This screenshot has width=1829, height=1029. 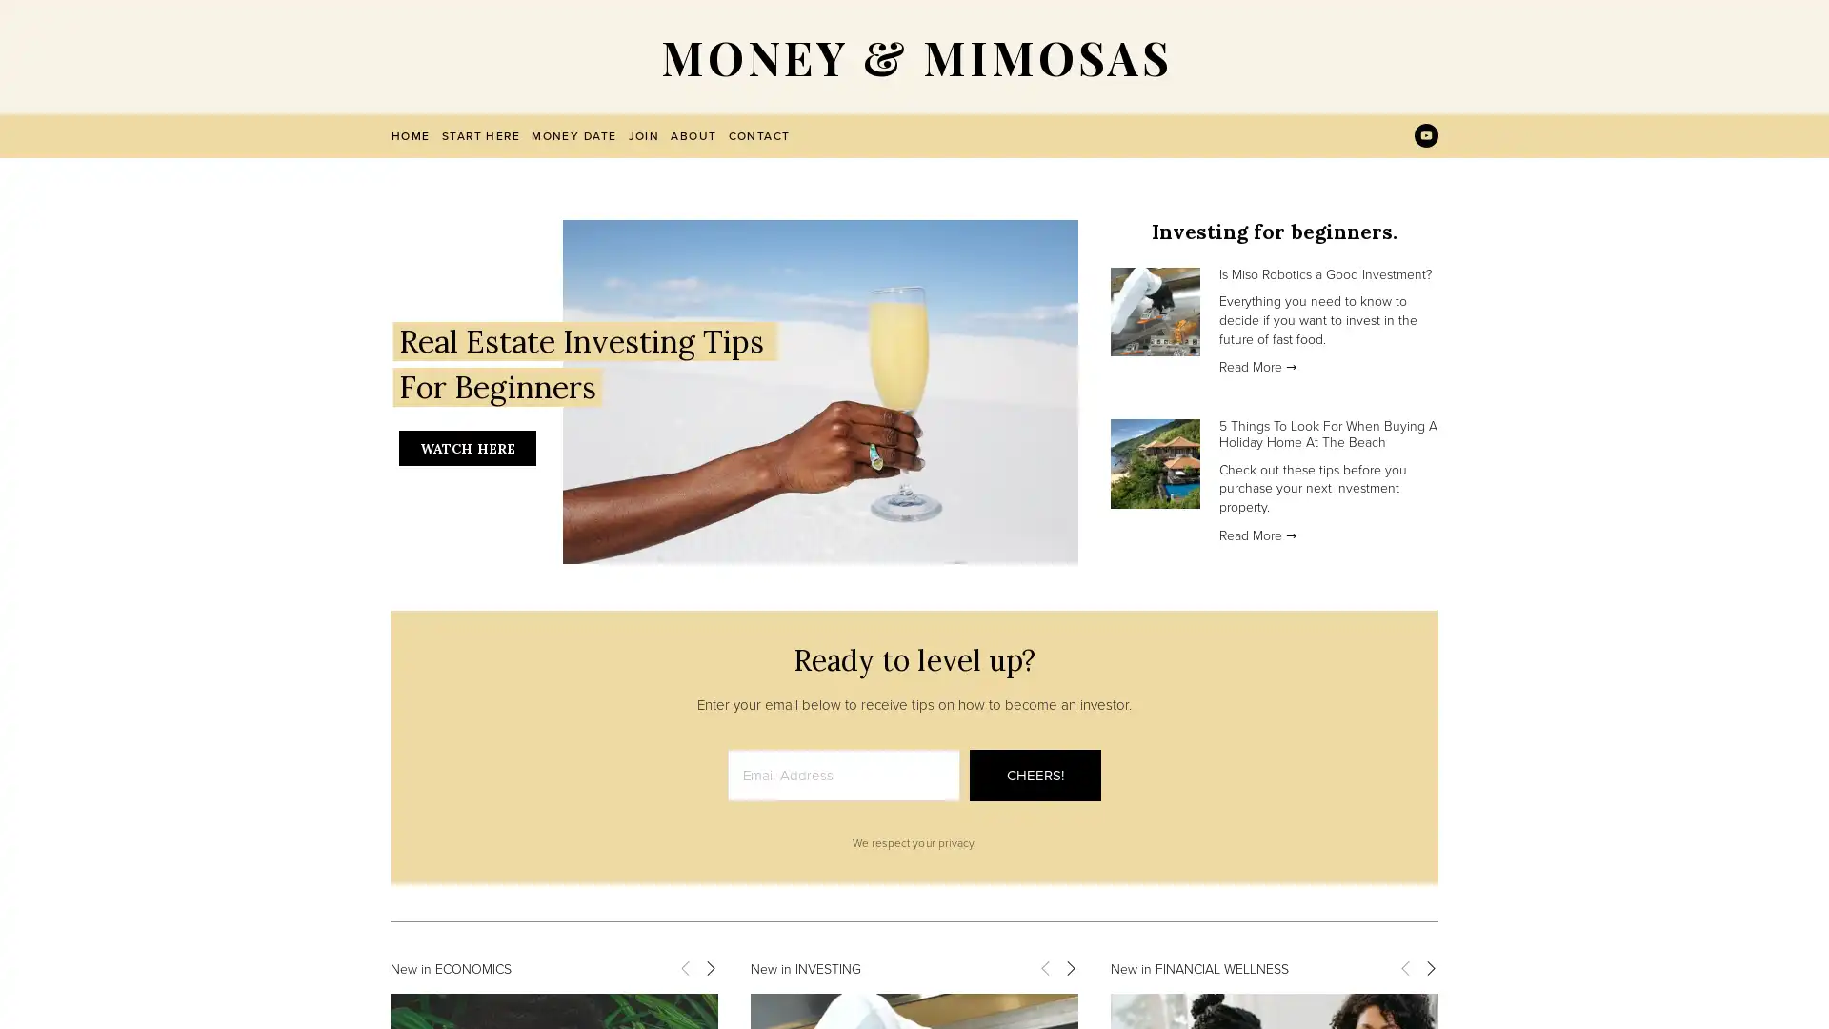 I want to click on Previous, so click(x=685, y=966).